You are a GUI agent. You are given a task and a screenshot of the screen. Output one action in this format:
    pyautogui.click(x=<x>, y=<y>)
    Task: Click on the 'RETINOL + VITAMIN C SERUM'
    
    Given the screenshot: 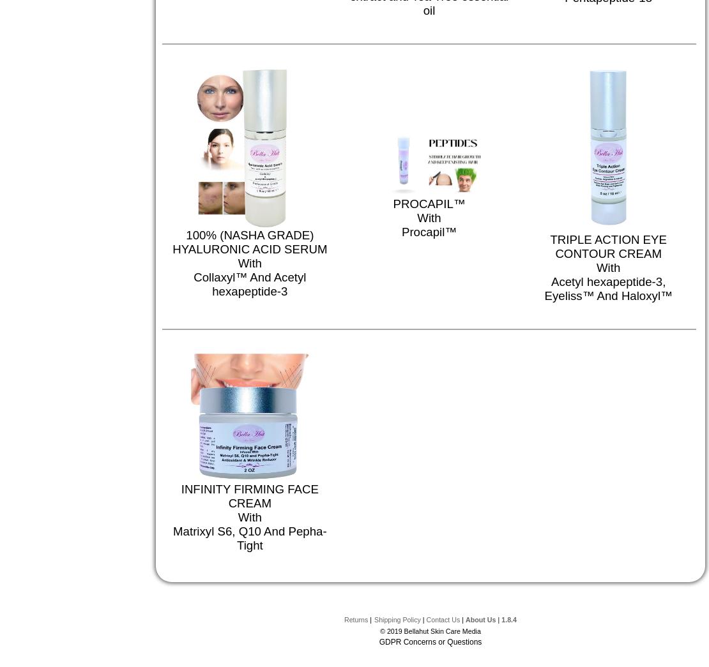 What is the action you would take?
    pyautogui.click(x=419, y=442)
    